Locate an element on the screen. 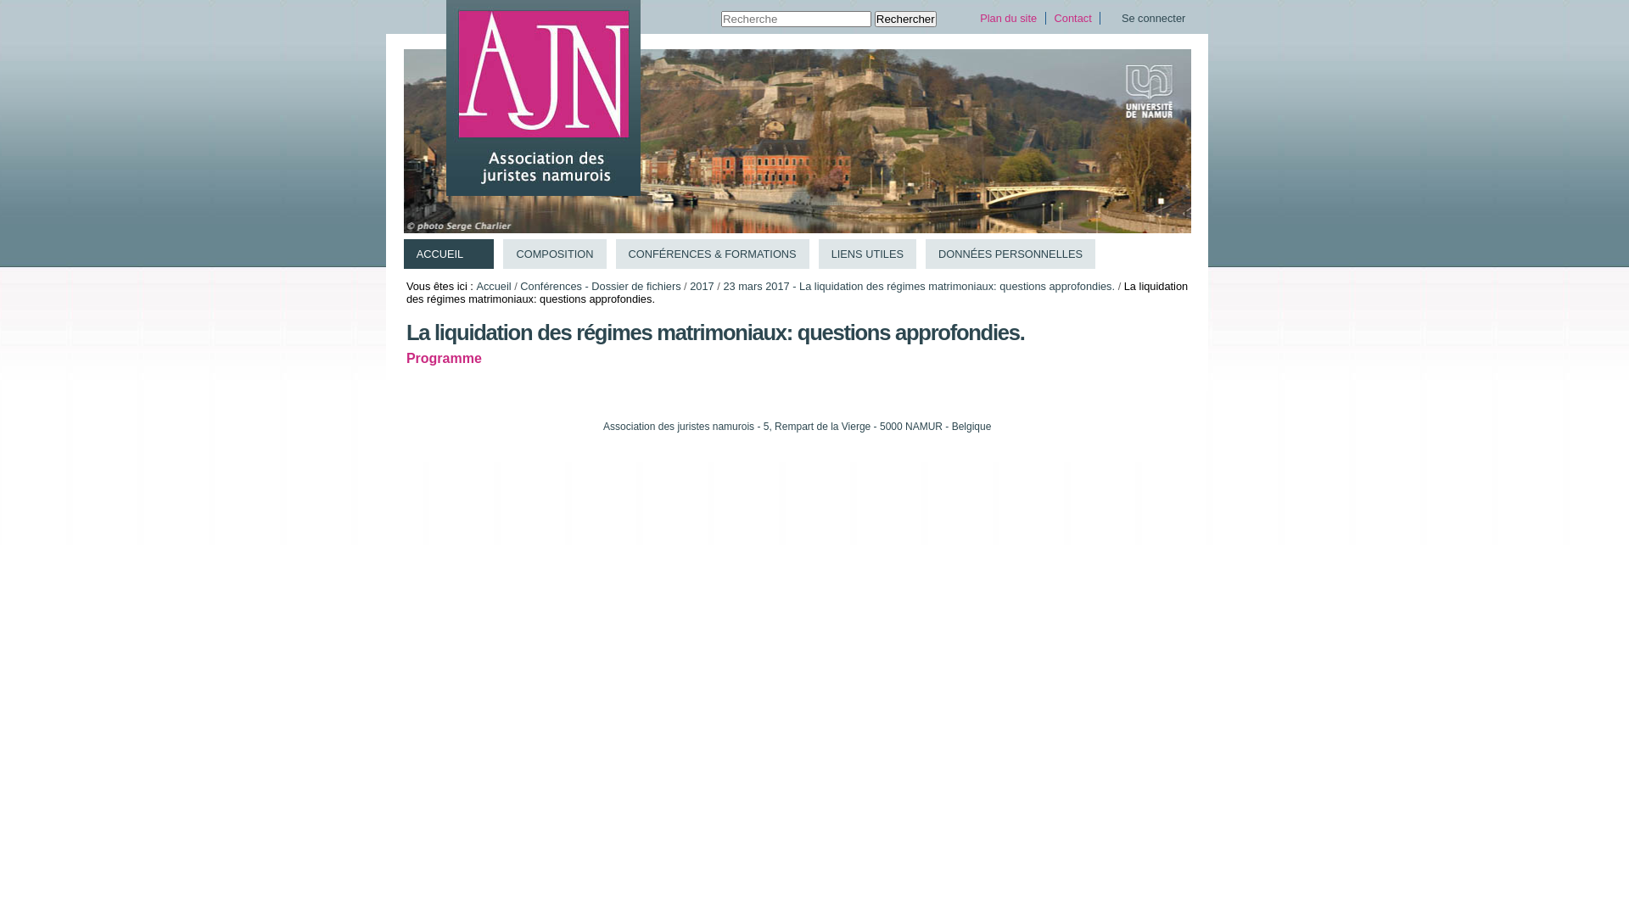 The image size is (1629, 916). '2017' is located at coordinates (701, 285).